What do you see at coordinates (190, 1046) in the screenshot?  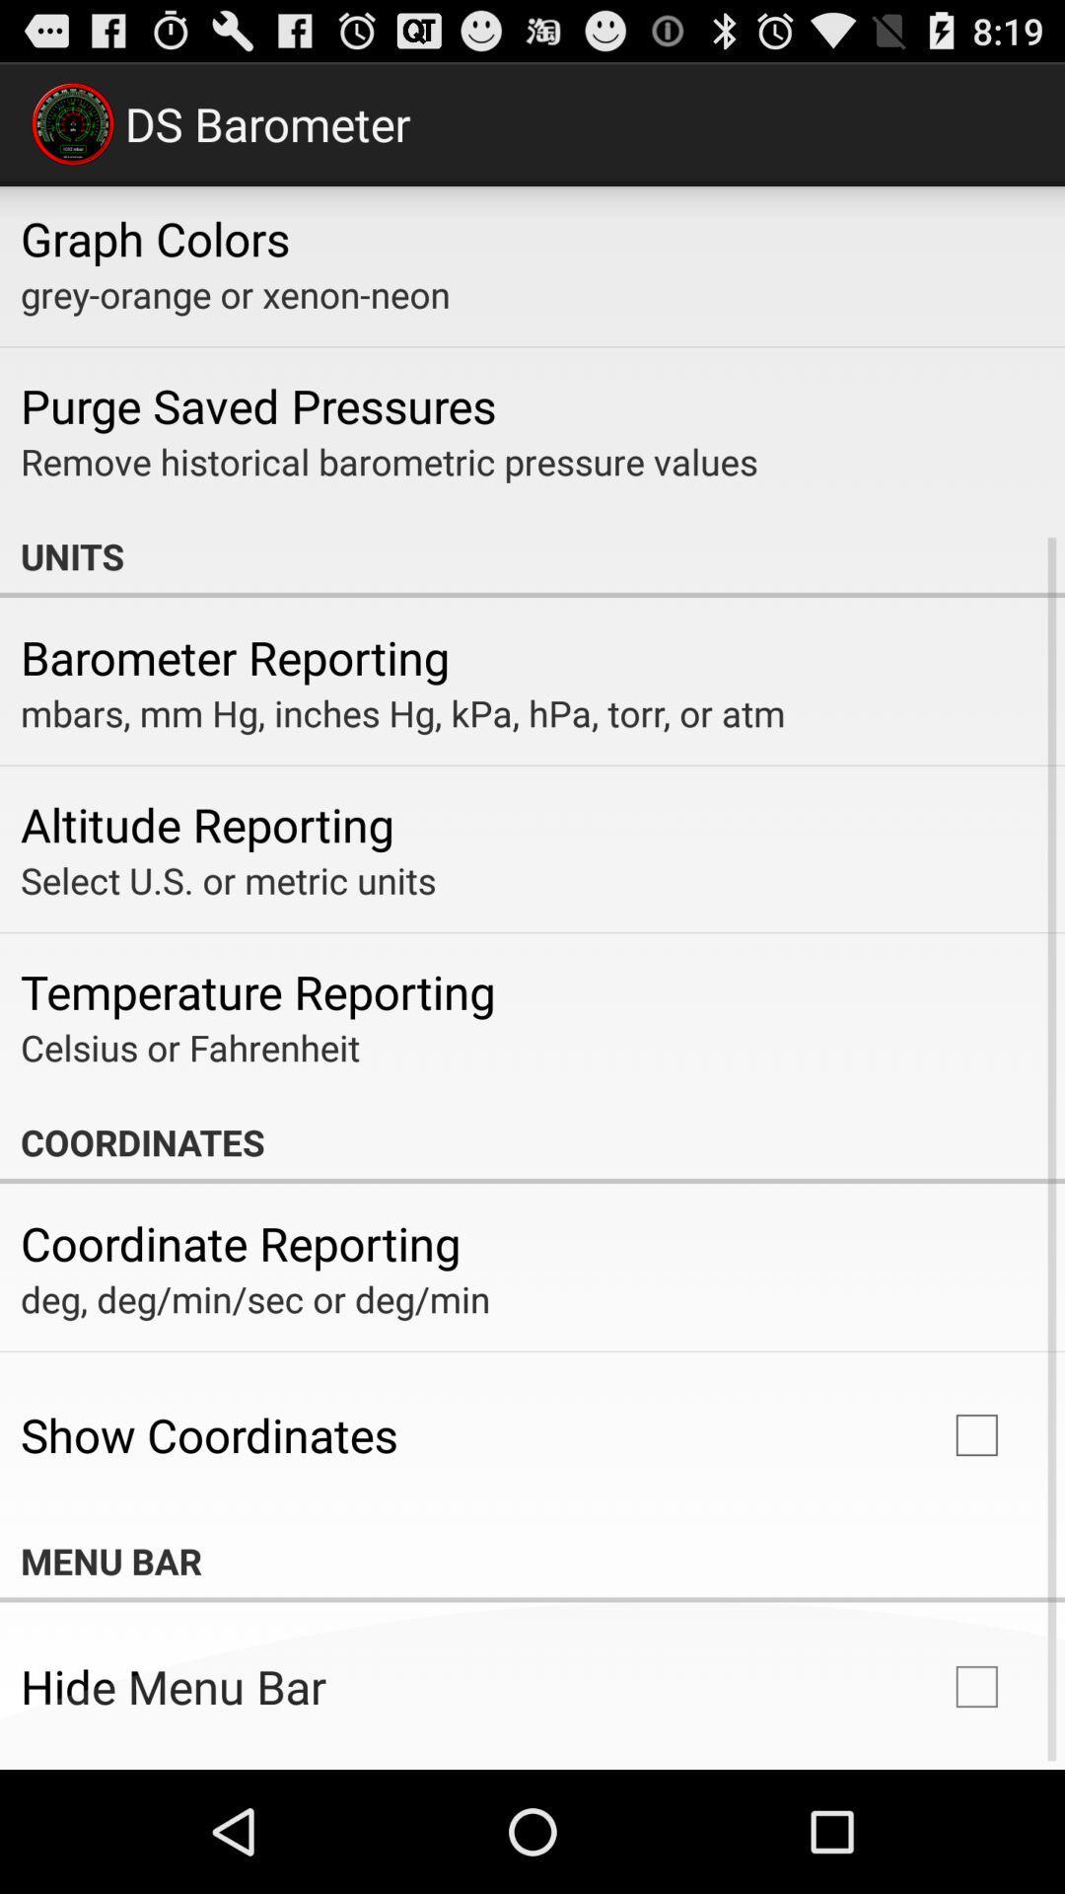 I see `app below the temperature reporting icon` at bounding box center [190, 1046].